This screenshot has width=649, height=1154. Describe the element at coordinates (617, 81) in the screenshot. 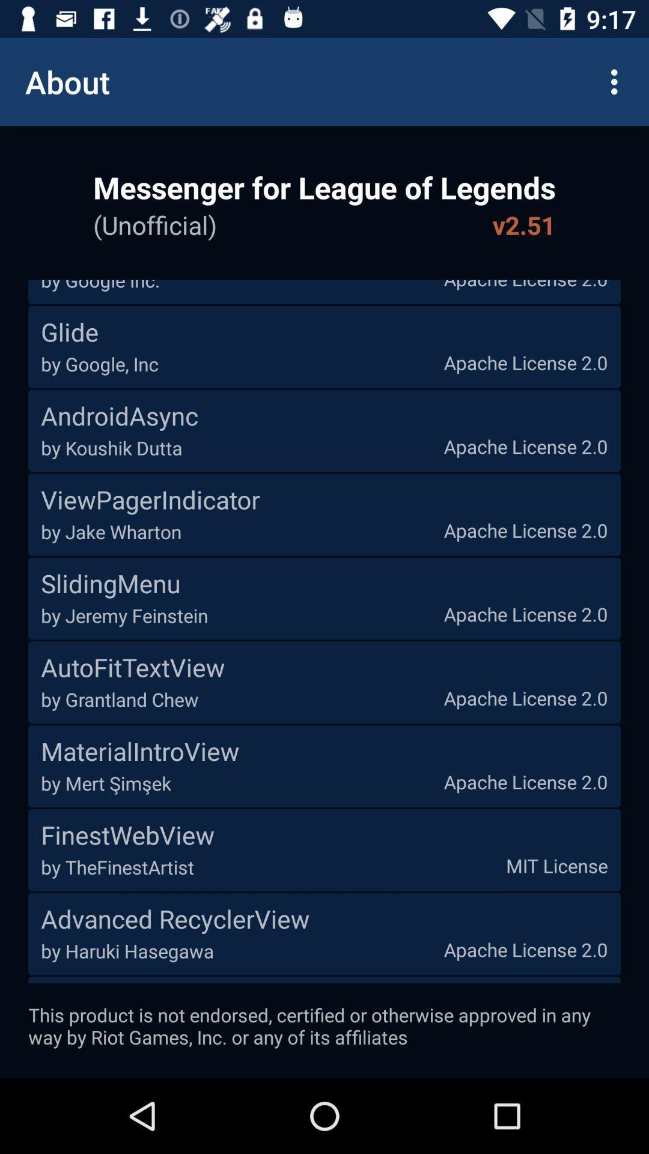

I see `the icon to the right of about` at that location.